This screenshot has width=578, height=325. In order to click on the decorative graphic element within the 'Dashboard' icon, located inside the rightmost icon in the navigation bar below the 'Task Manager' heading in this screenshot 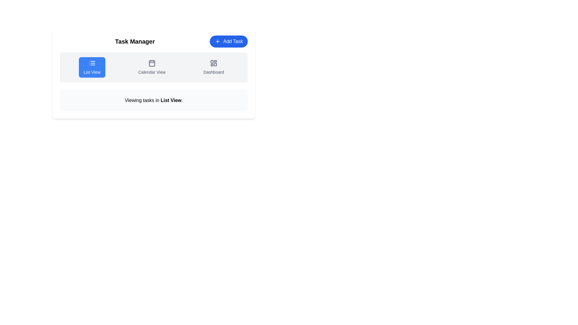, I will do `click(215, 64)`.